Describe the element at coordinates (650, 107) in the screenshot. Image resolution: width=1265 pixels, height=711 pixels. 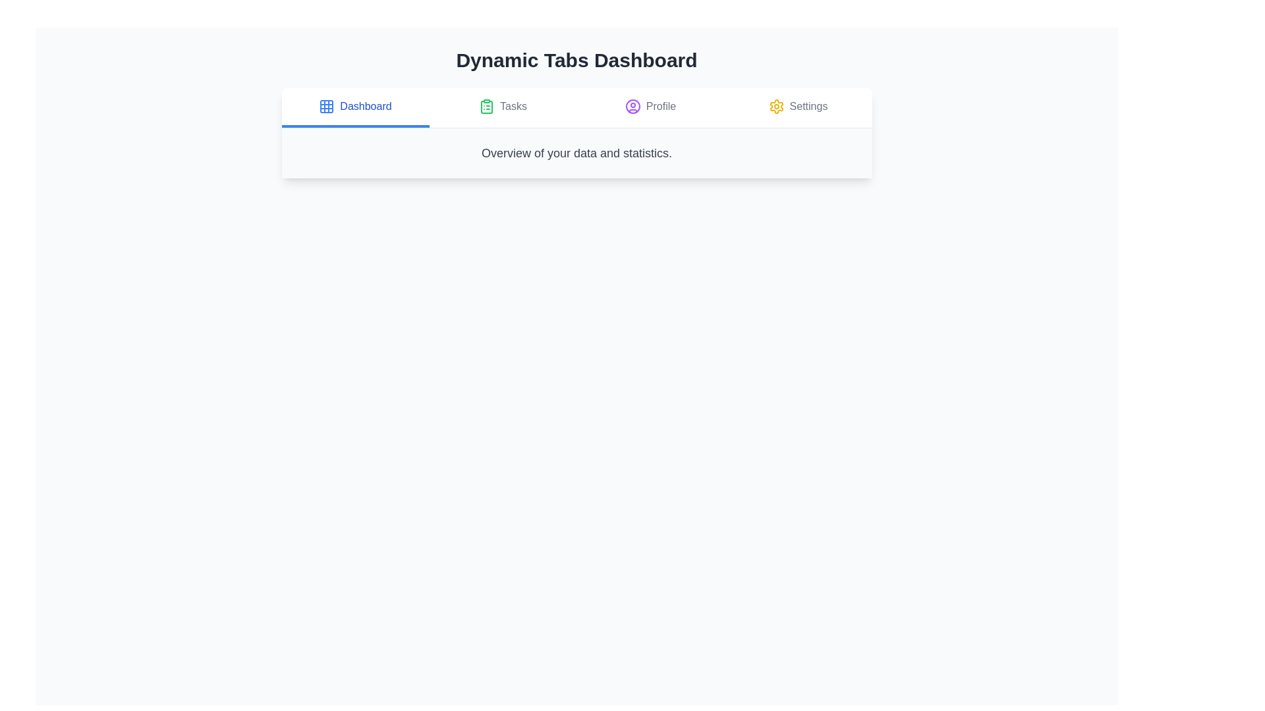
I see `the 'Profile' Navigation Tab, which is the third tab from the left in the navigation bar, located centrally at the upper section between 'Tasks' and 'Settings'` at that location.